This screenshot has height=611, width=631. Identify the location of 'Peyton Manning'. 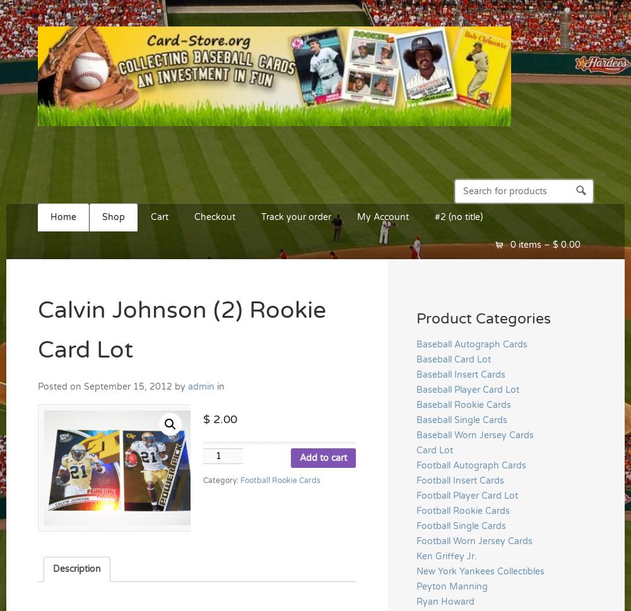
(451, 586).